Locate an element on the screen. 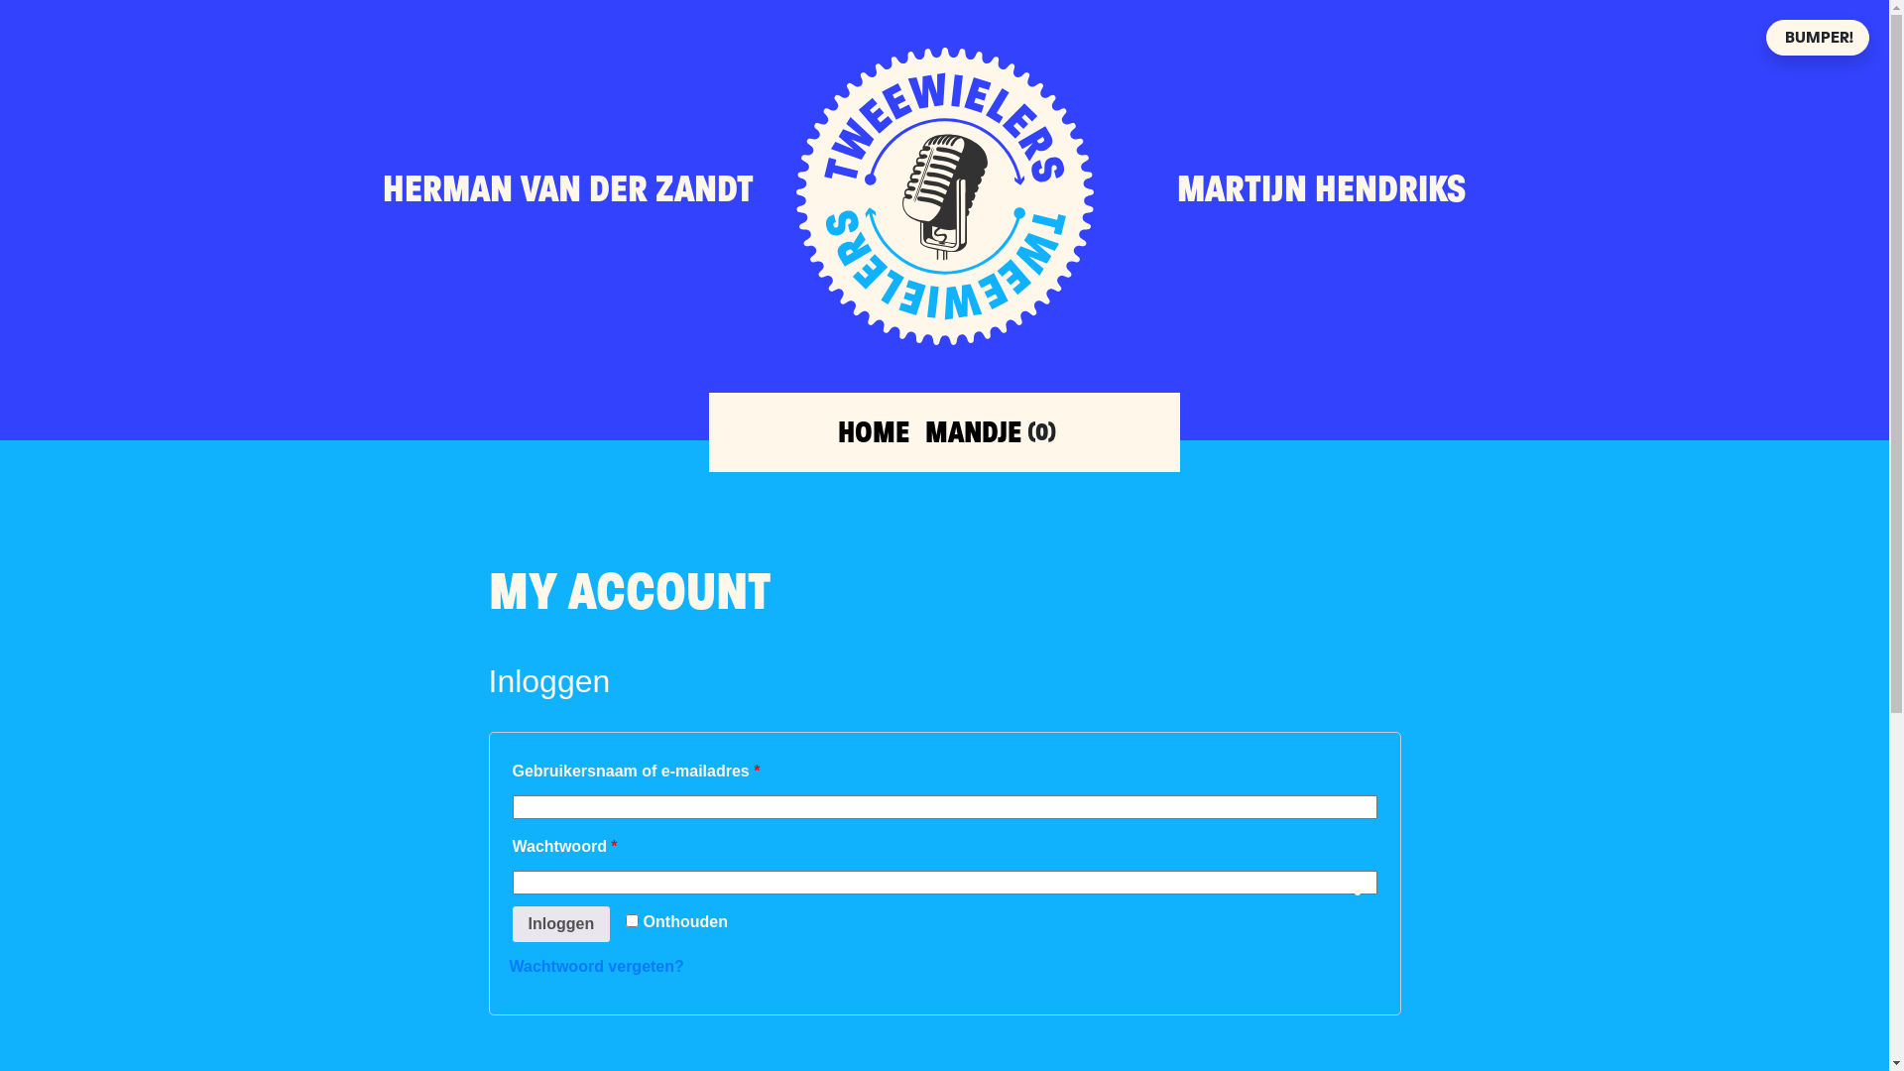  'MANDJE' is located at coordinates (923, 430).